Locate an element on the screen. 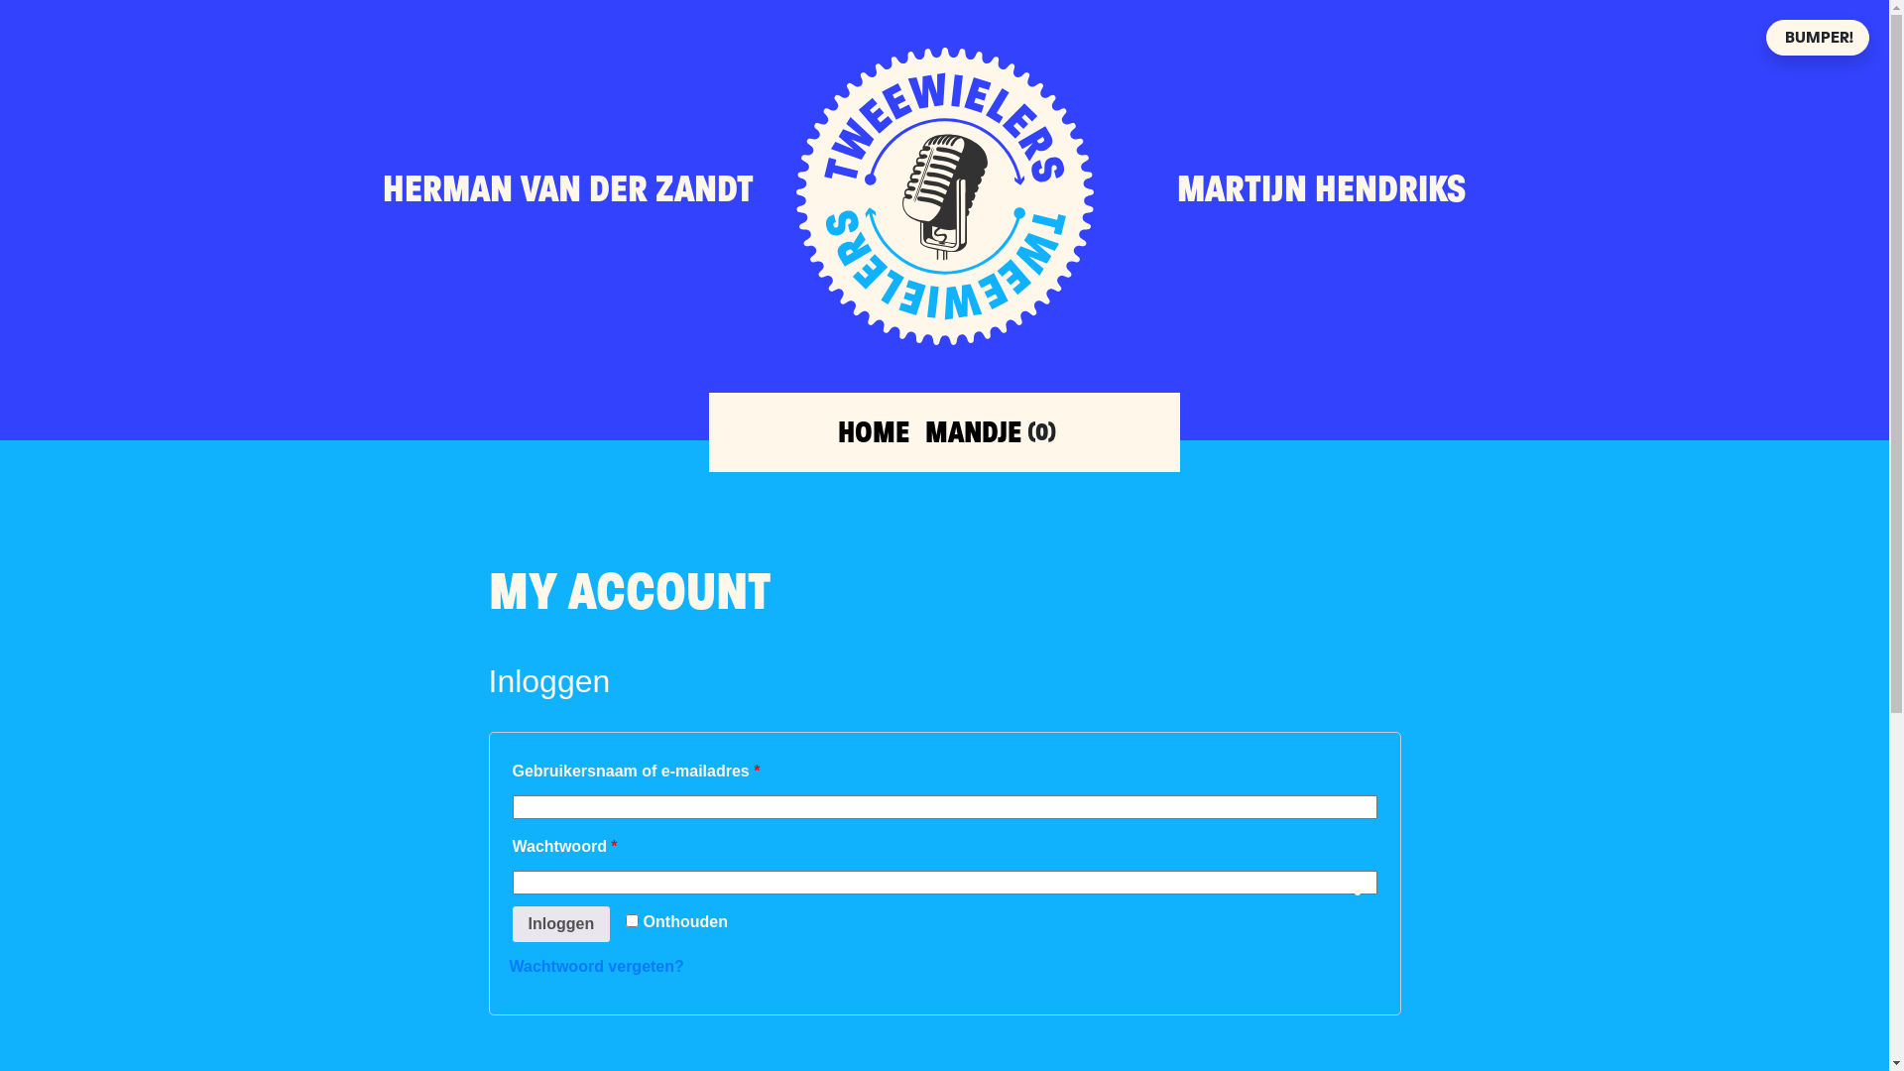  'MANDJE' is located at coordinates (923, 430).